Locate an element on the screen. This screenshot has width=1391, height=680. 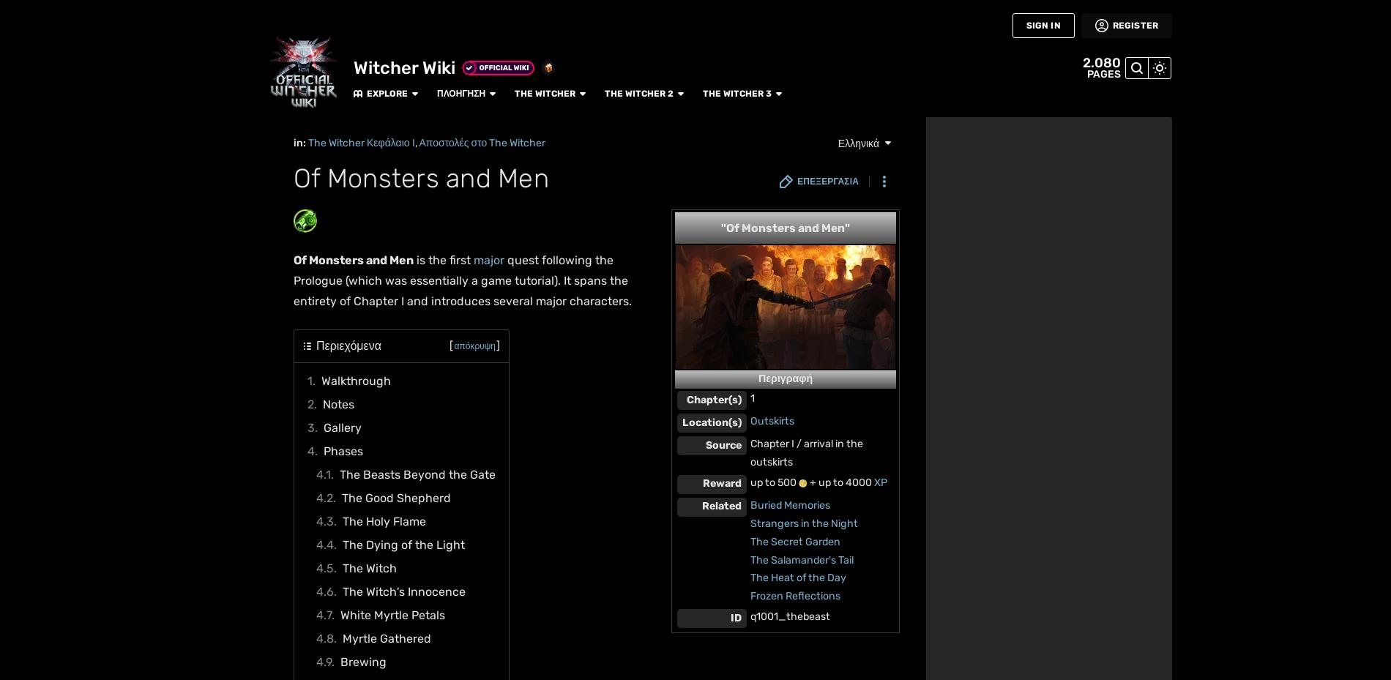
'The Witcher 2' is located at coordinates (426, 15).